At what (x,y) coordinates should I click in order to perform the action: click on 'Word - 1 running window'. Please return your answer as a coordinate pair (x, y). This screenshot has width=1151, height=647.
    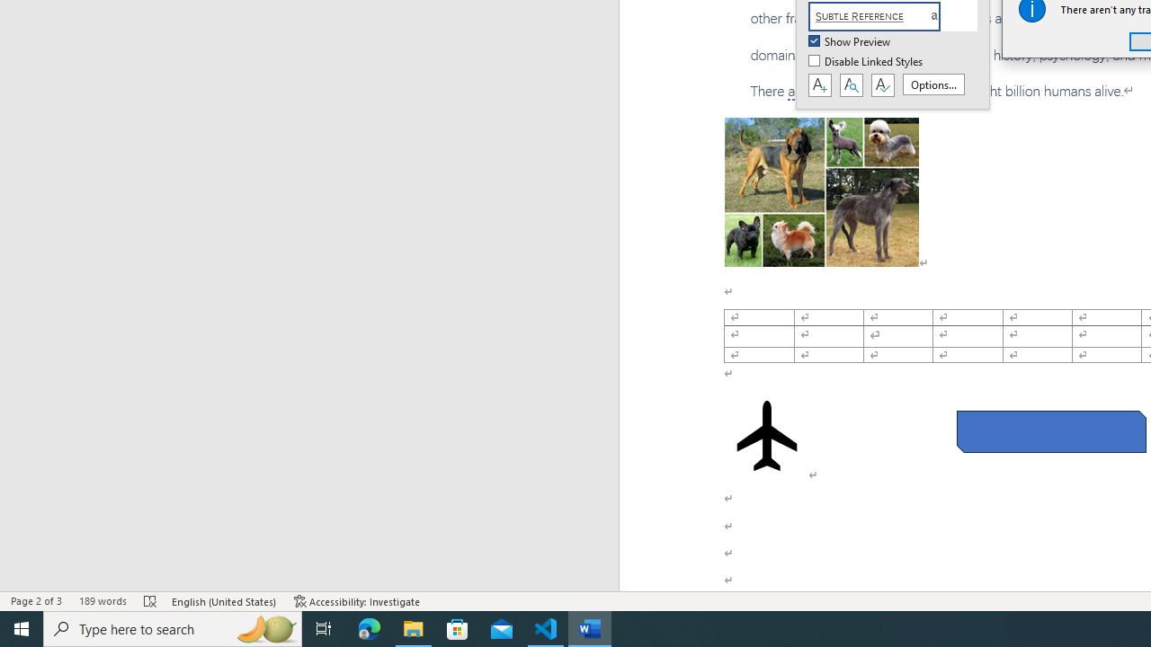
    Looking at the image, I should click on (590, 627).